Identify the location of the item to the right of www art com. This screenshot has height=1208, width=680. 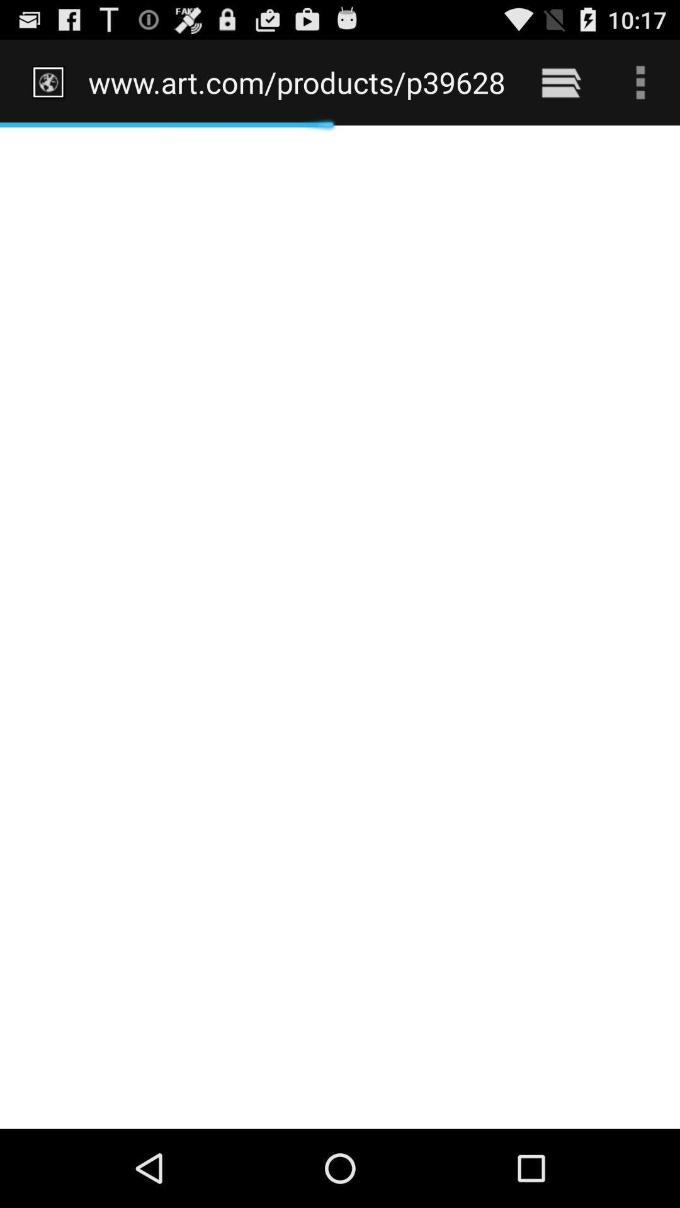
(560, 82).